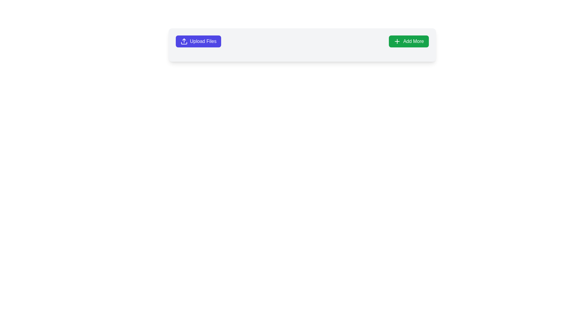  I want to click on the upload icon, which is positioned to the left of the 'Upload Files' text in the button on the left-hand side of the interface, so click(184, 41).